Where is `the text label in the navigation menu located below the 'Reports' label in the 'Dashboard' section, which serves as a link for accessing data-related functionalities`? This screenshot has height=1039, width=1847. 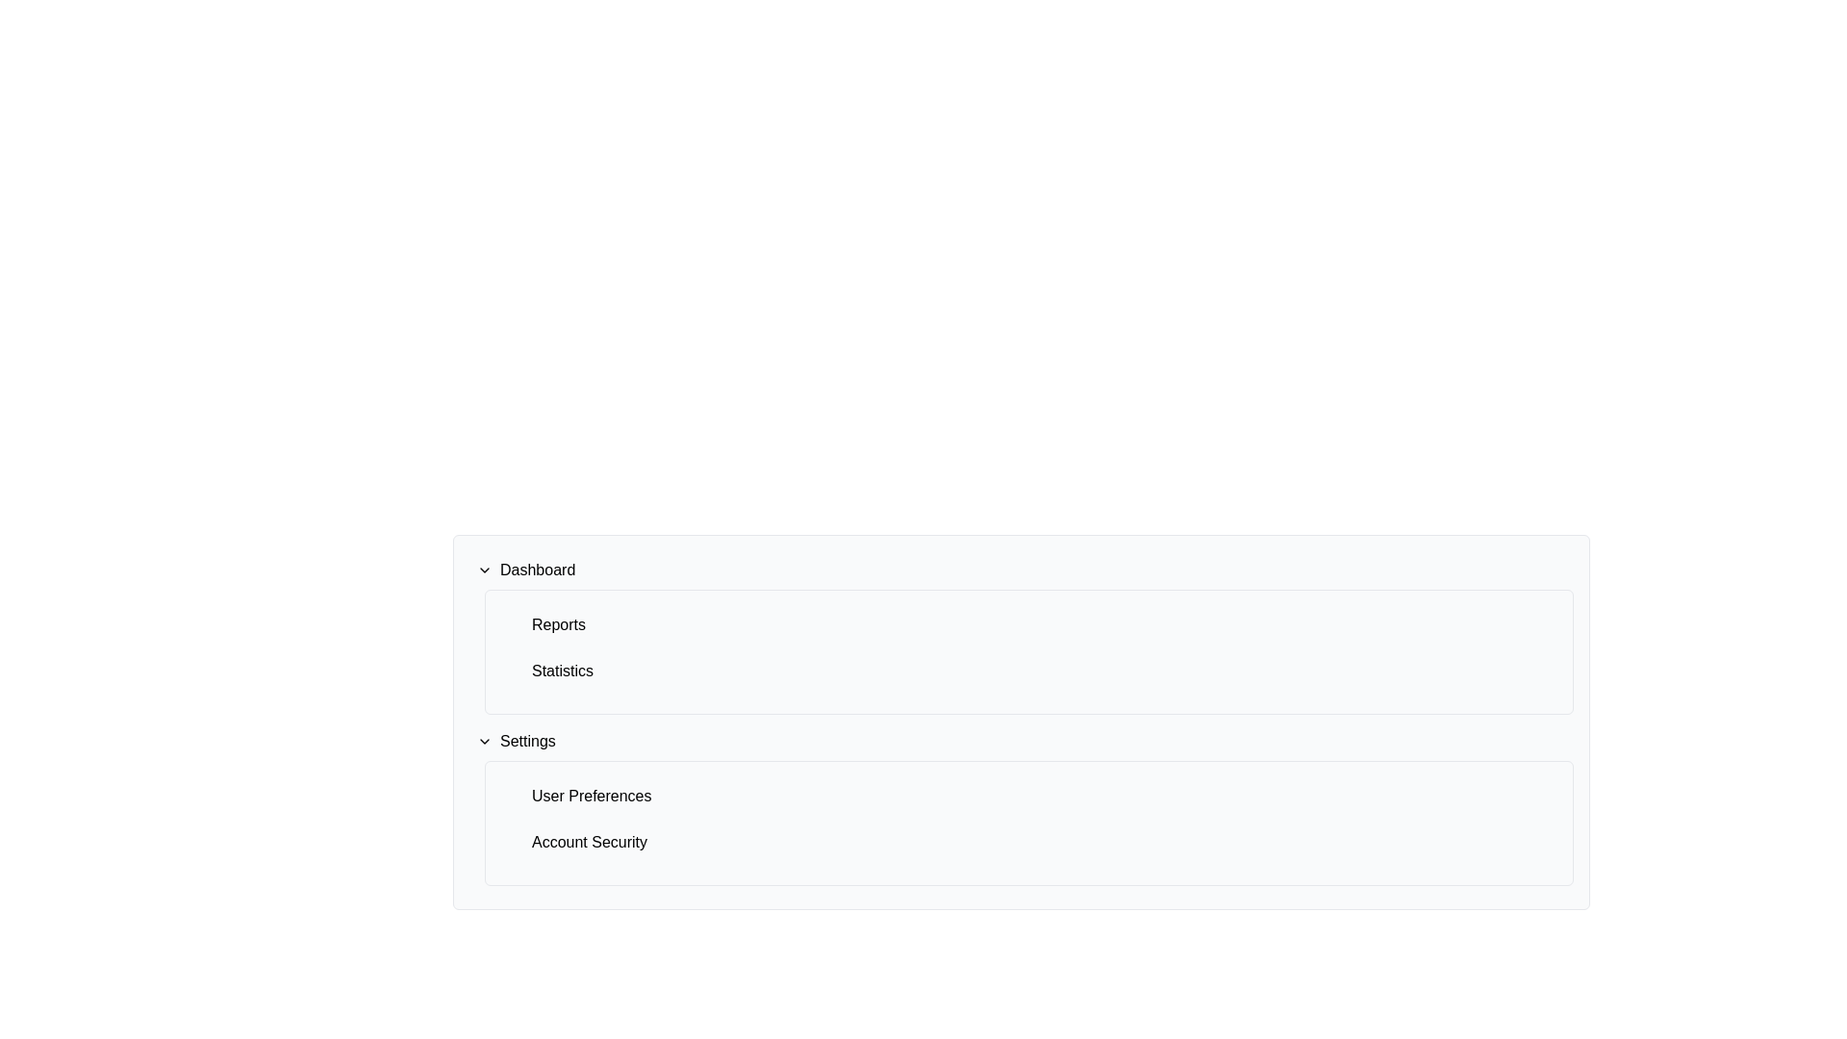 the text label in the navigation menu located below the 'Reports' label in the 'Dashboard' section, which serves as a link for accessing data-related functionalities is located at coordinates (562, 671).